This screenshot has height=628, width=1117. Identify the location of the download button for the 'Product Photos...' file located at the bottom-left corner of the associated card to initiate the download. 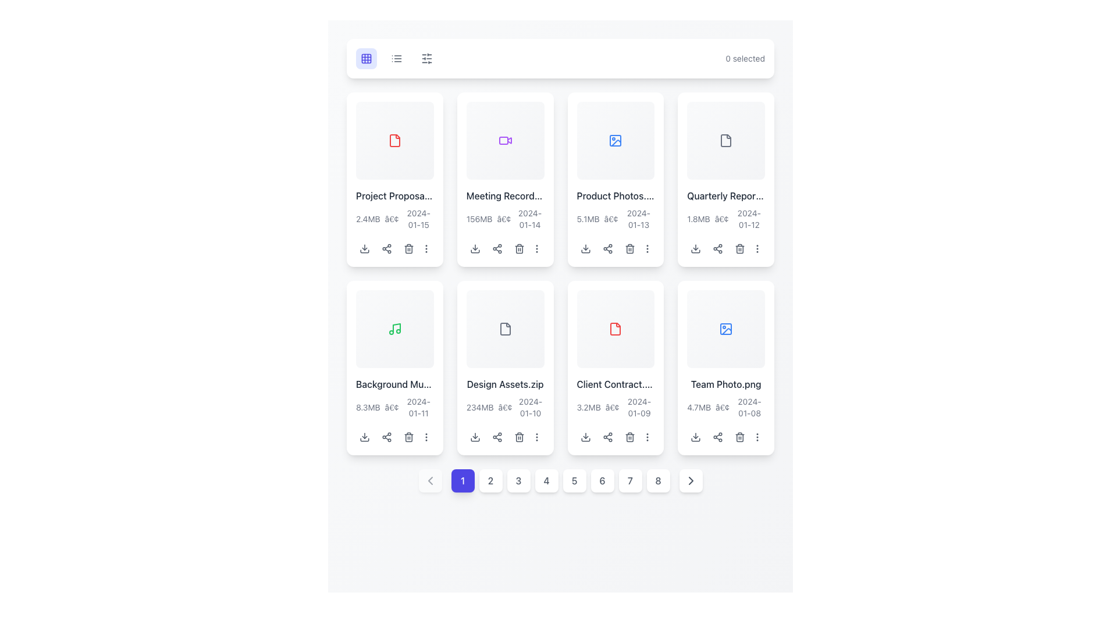
(585, 248).